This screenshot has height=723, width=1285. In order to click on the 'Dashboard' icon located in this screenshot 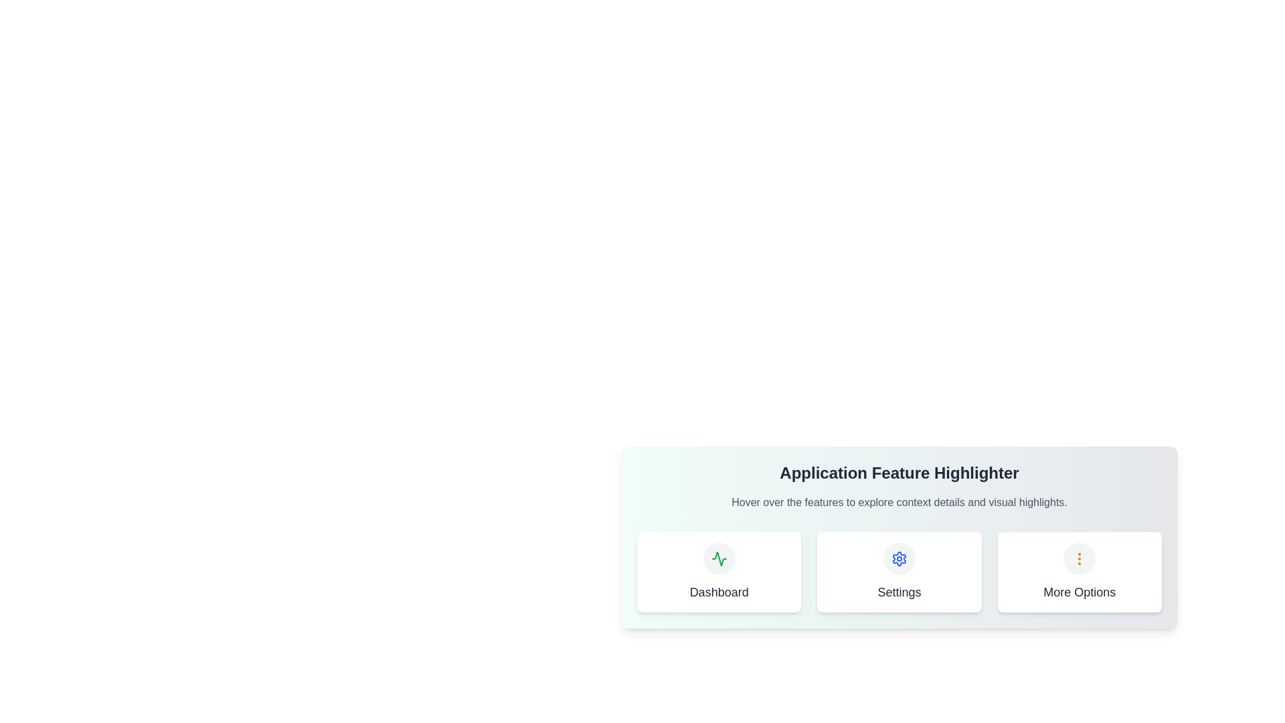, I will do `click(718, 558)`.